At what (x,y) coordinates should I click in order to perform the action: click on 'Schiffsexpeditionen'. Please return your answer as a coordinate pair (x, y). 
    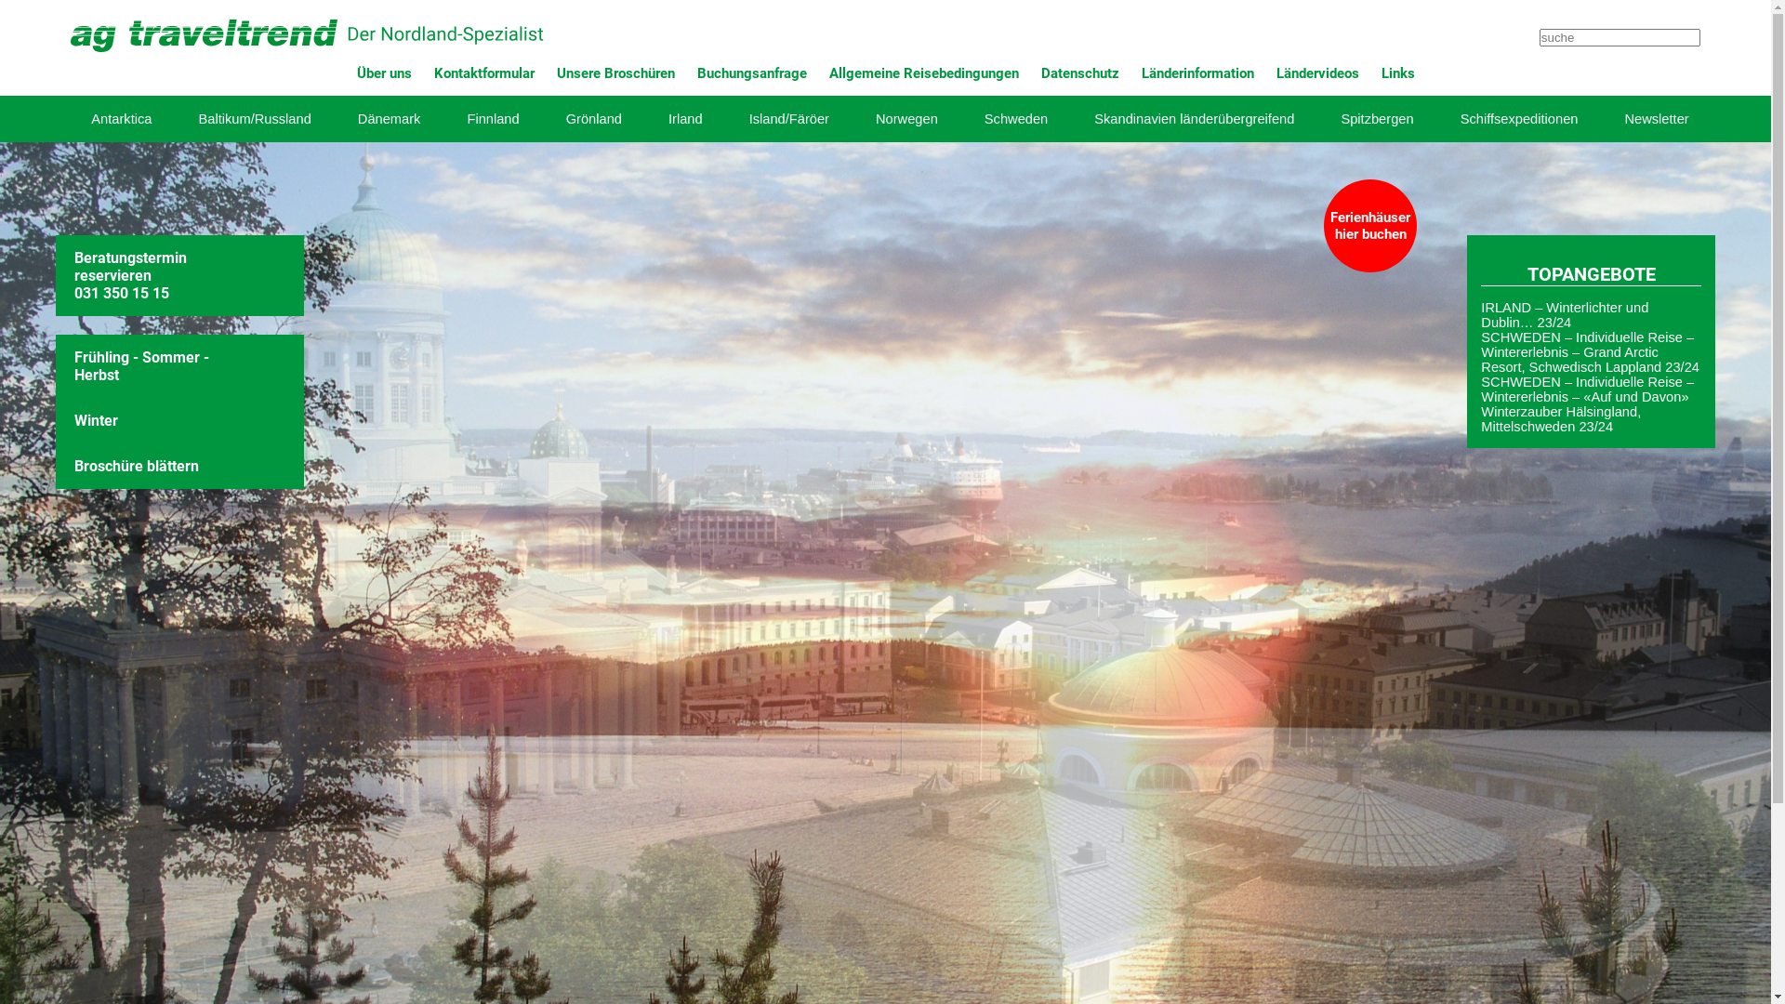
    Looking at the image, I should click on (1519, 118).